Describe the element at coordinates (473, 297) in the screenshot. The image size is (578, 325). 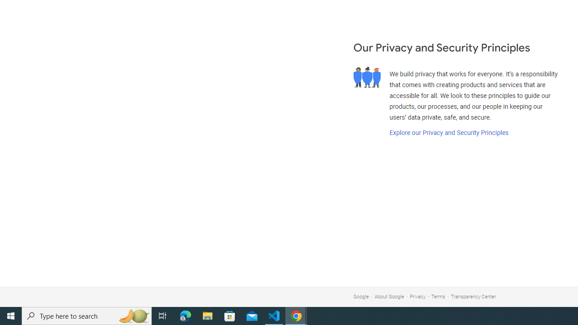
I see `'Transparency Center'` at that location.